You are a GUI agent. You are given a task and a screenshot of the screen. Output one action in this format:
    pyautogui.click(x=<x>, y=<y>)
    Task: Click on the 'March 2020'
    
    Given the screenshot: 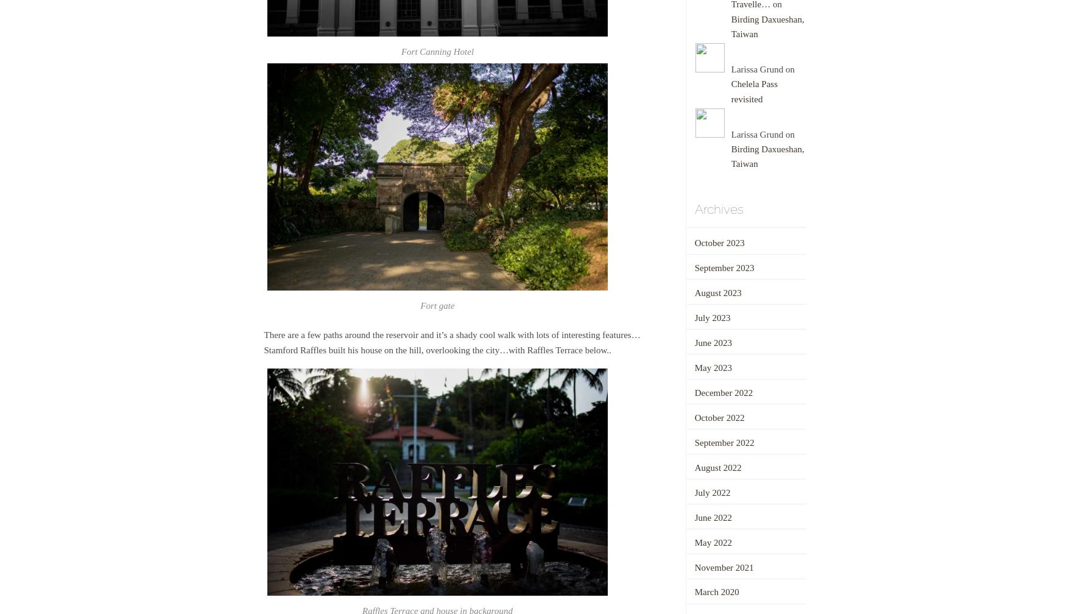 What is the action you would take?
    pyautogui.click(x=716, y=592)
    